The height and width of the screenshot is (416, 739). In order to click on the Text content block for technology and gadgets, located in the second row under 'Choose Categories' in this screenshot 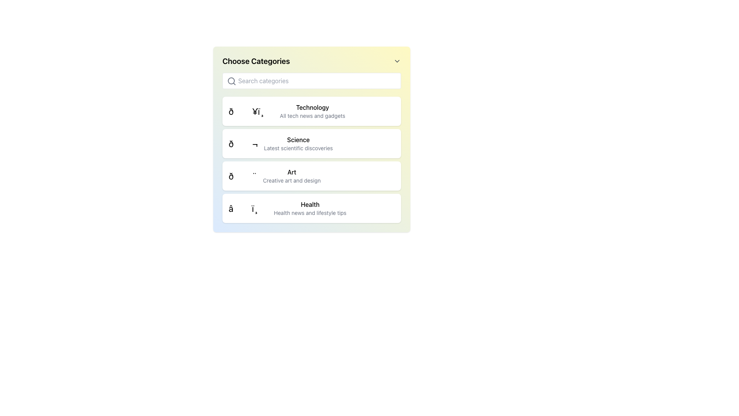, I will do `click(313, 111)`.